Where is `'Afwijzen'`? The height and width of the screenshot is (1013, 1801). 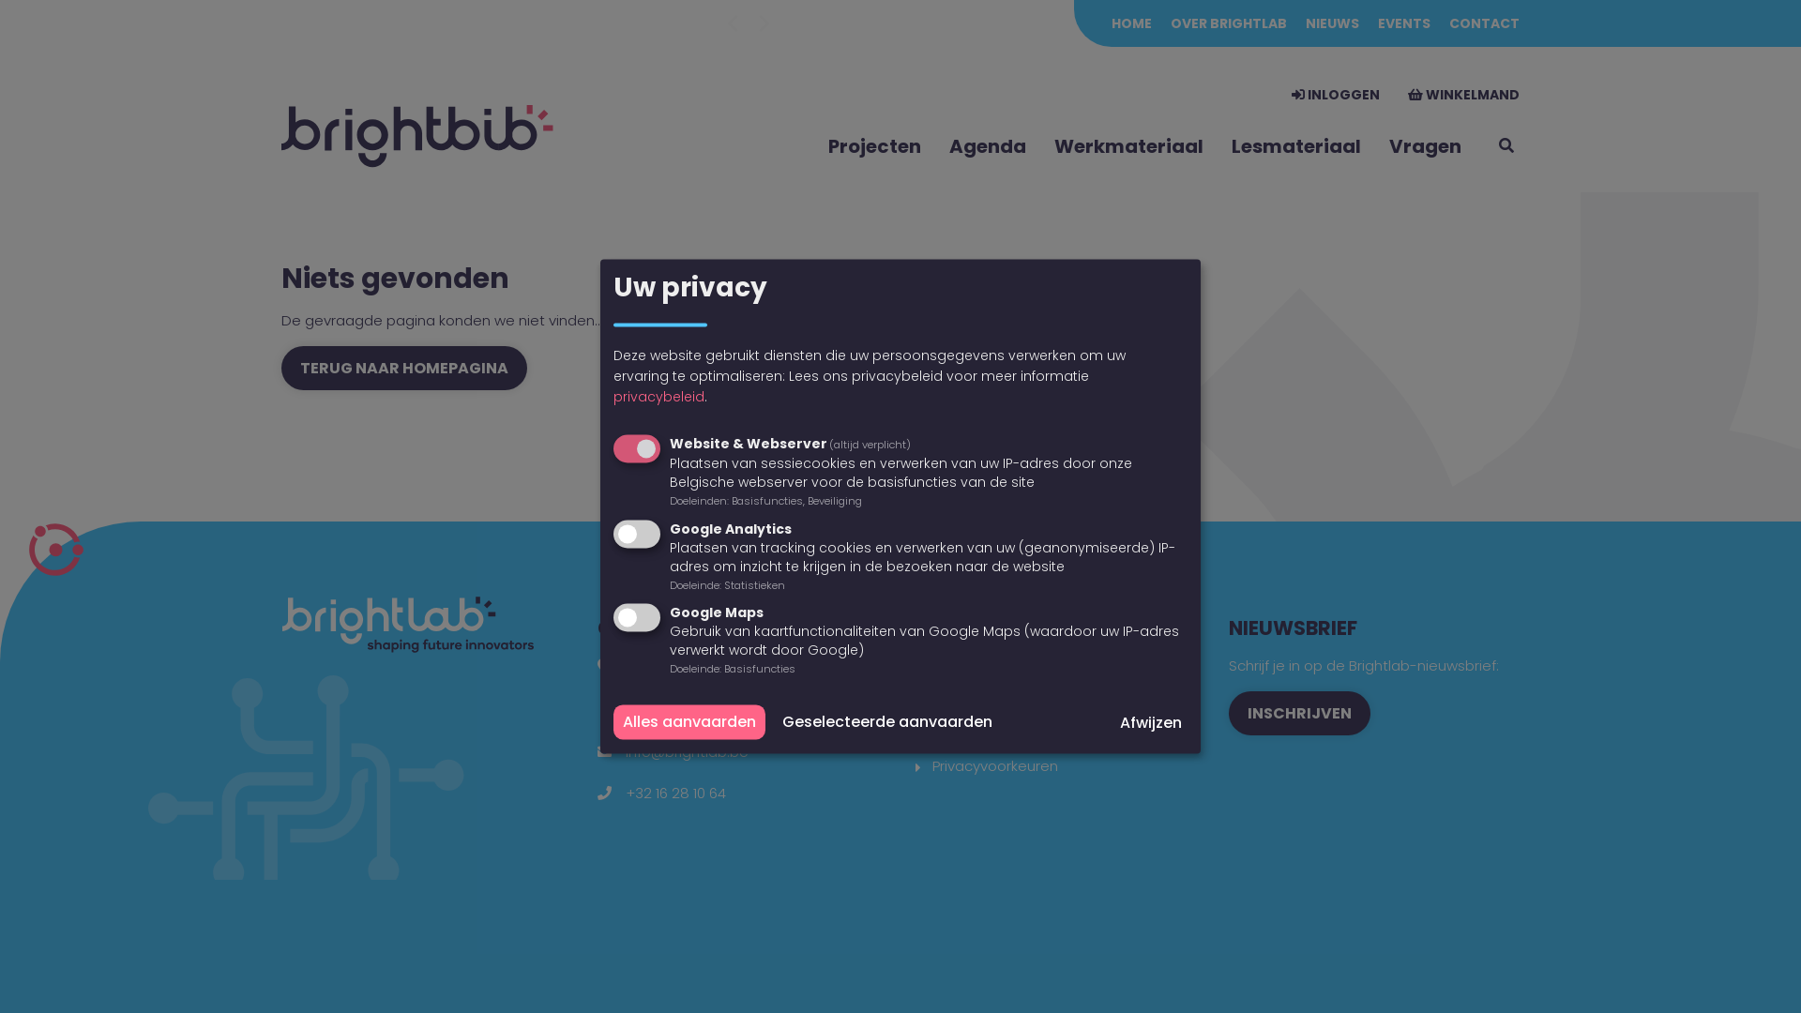
'Afwijzen' is located at coordinates (1149, 722).